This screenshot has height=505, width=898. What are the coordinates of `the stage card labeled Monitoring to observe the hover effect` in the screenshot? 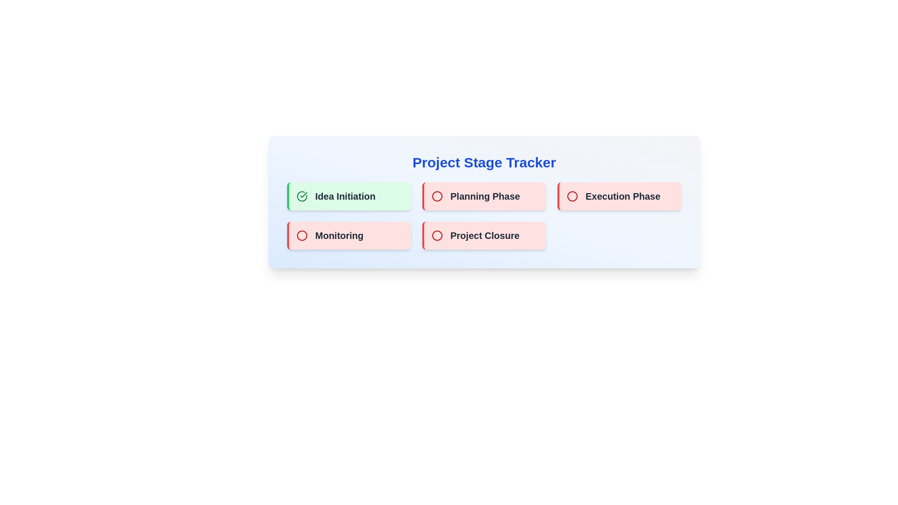 It's located at (348, 235).